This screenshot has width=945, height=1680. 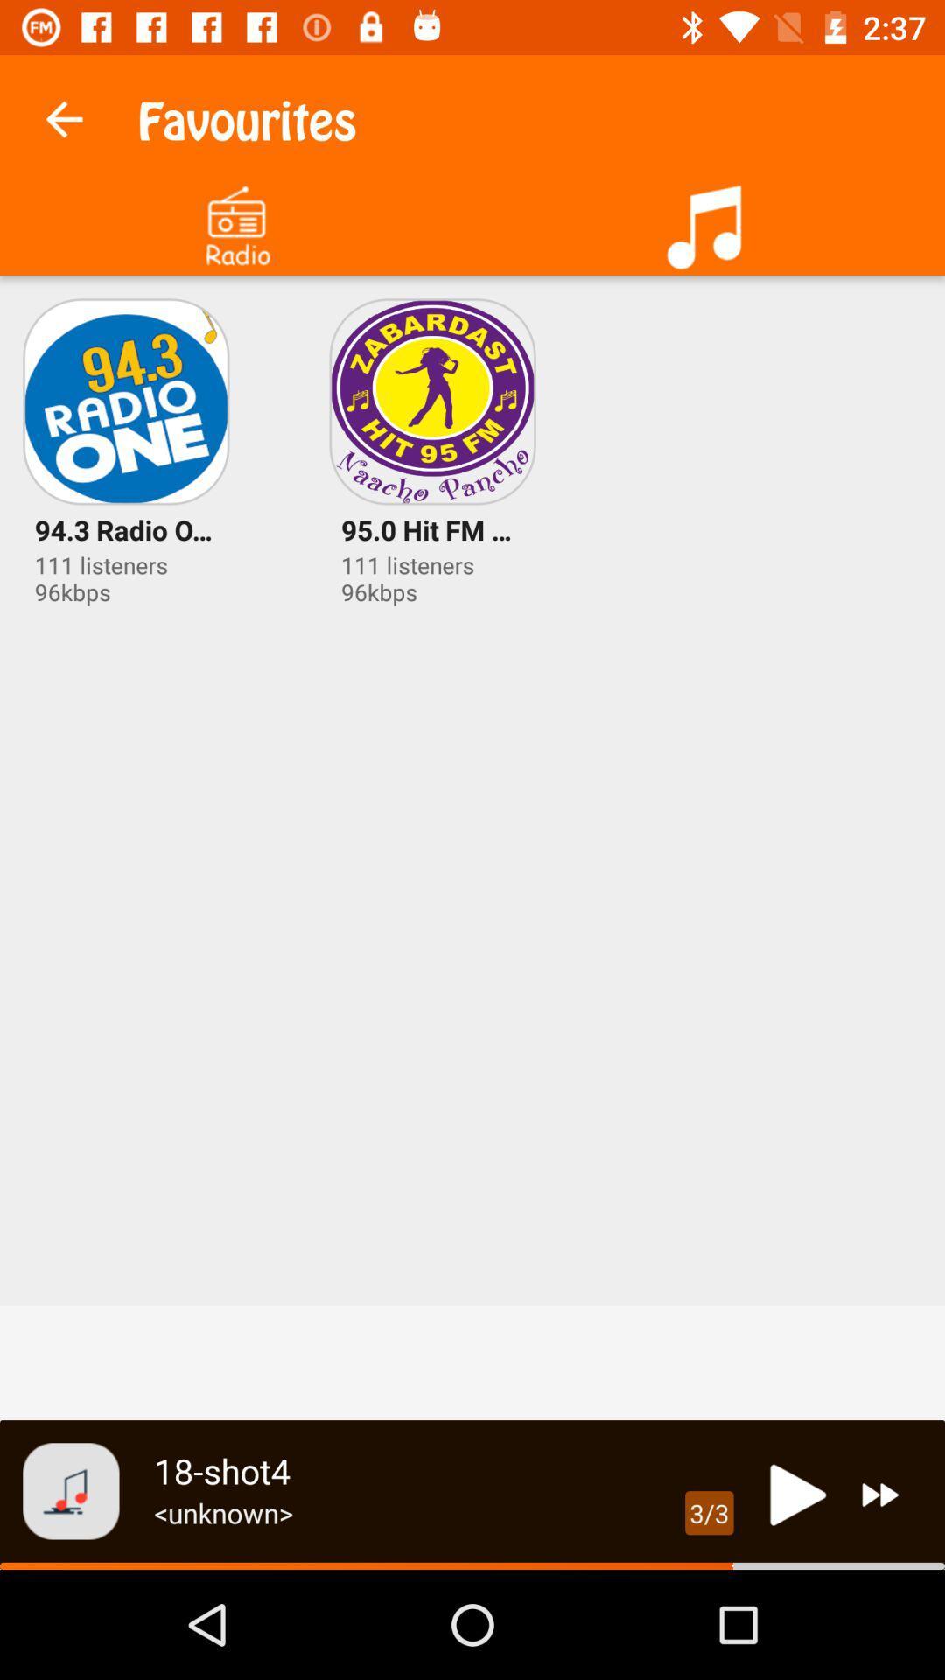 What do you see at coordinates (236, 220) in the screenshot?
I see `click radio option` at bounding box center [236, 220].